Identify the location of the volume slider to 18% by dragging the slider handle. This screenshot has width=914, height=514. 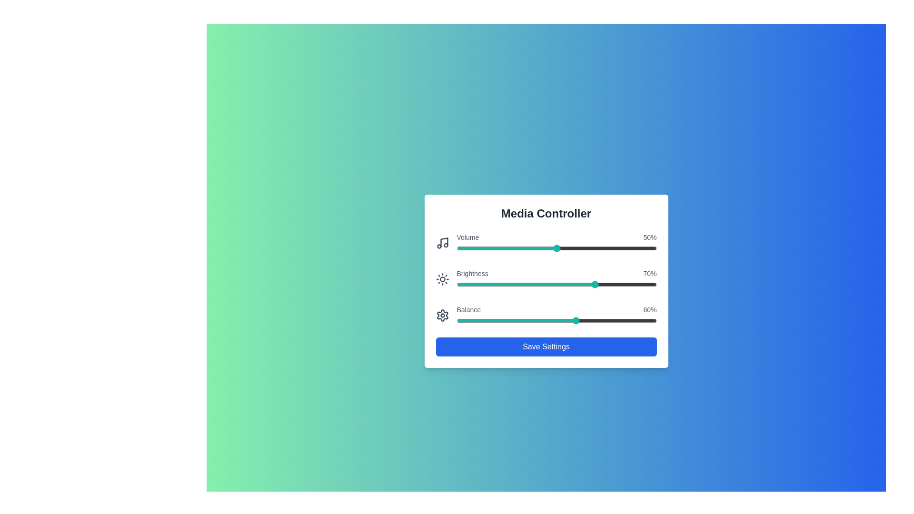
(493, 247).